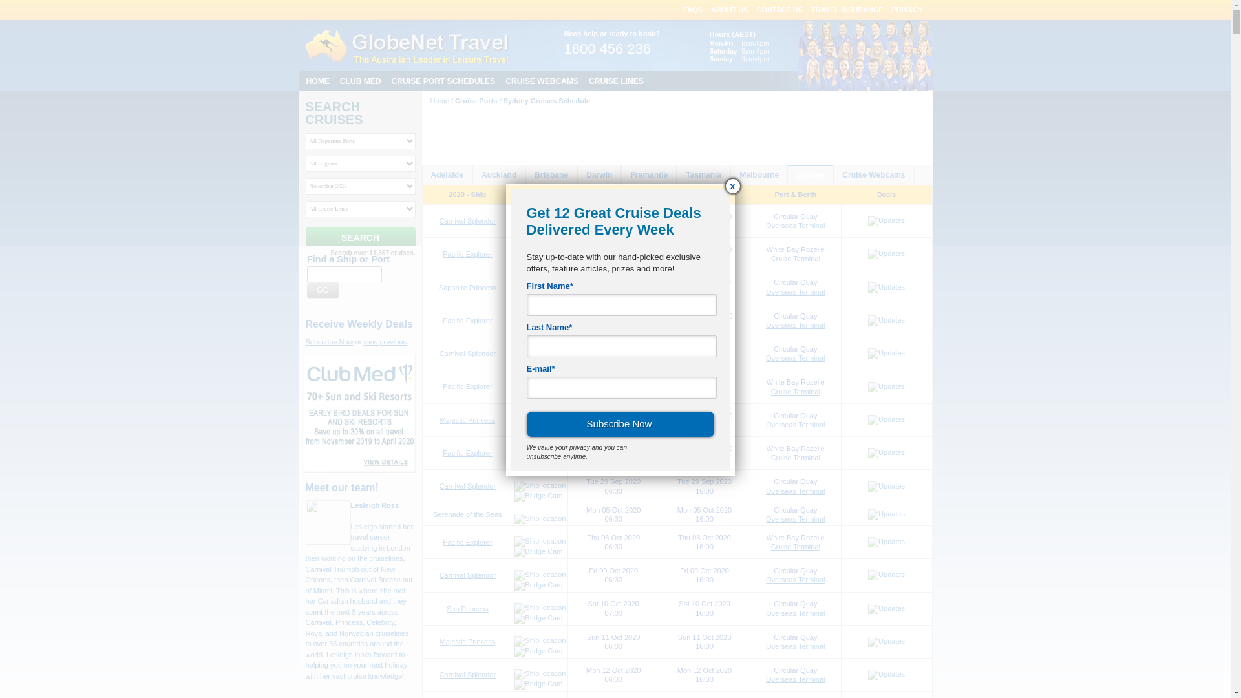 Image resolution: width=1241 pixels, height=698 pixels. What do you see at coordinates (868, 542) in the screenshot?
I see `'Updates'` at bounding box center [868, 542].